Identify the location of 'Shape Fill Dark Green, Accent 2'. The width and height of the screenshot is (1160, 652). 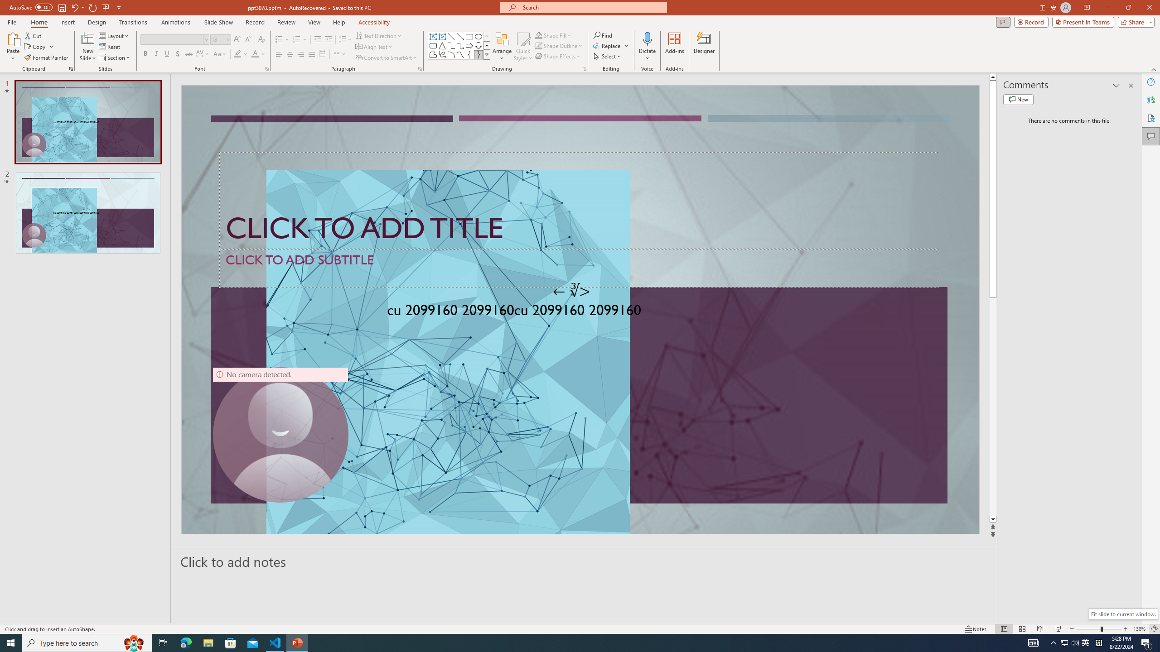
(539, 35).